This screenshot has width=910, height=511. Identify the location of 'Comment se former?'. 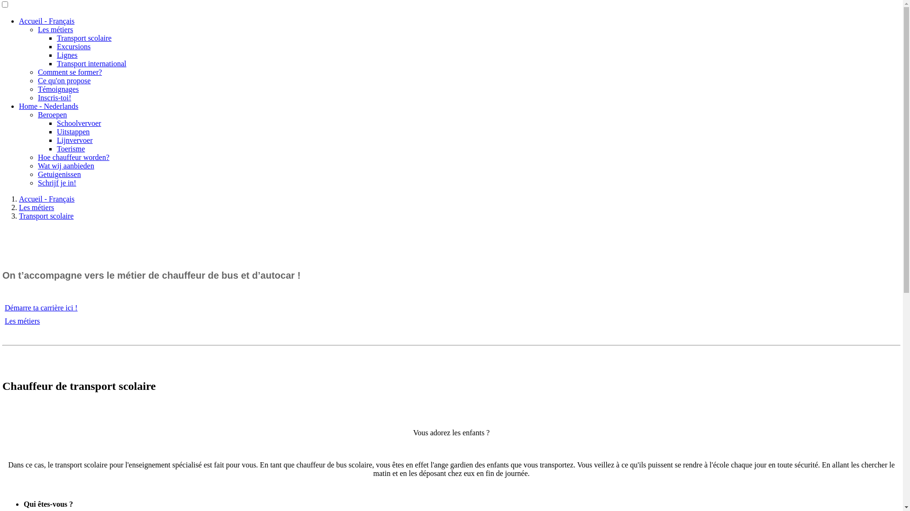
(69, 71).